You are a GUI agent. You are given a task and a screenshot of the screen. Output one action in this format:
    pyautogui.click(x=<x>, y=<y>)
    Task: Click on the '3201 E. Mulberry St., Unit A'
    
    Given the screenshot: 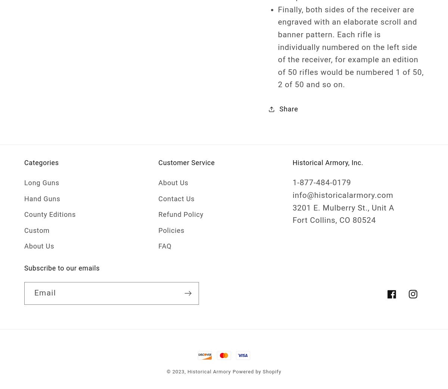 What is the action you would take?
    pyautogui.click(x=343, y=207)
    